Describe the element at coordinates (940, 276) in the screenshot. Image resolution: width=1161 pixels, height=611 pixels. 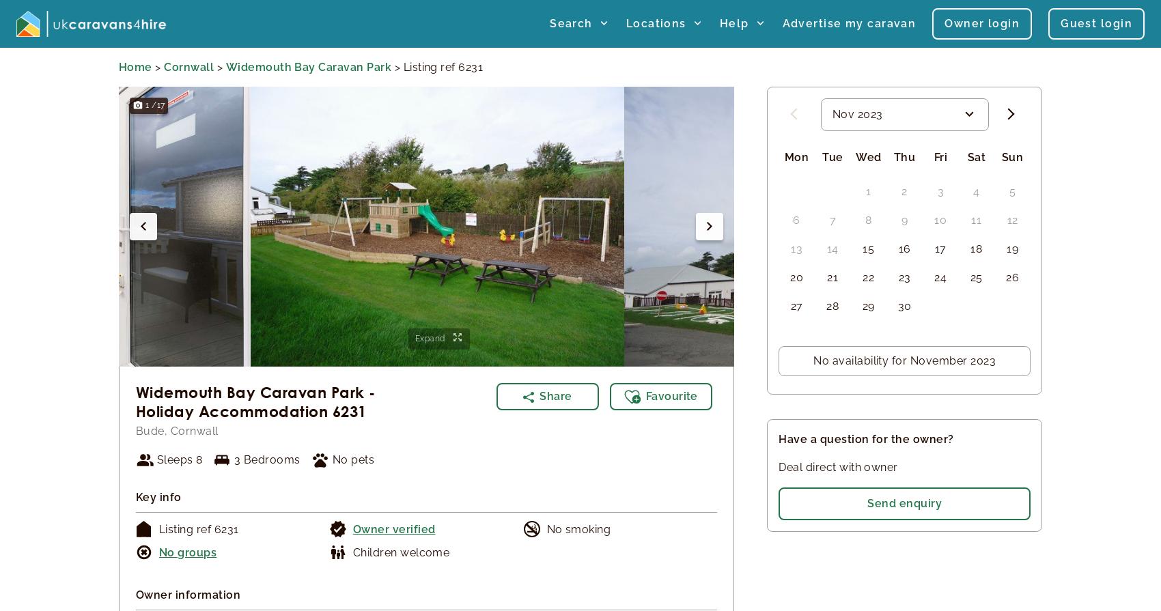
I see `'24'` at that location.